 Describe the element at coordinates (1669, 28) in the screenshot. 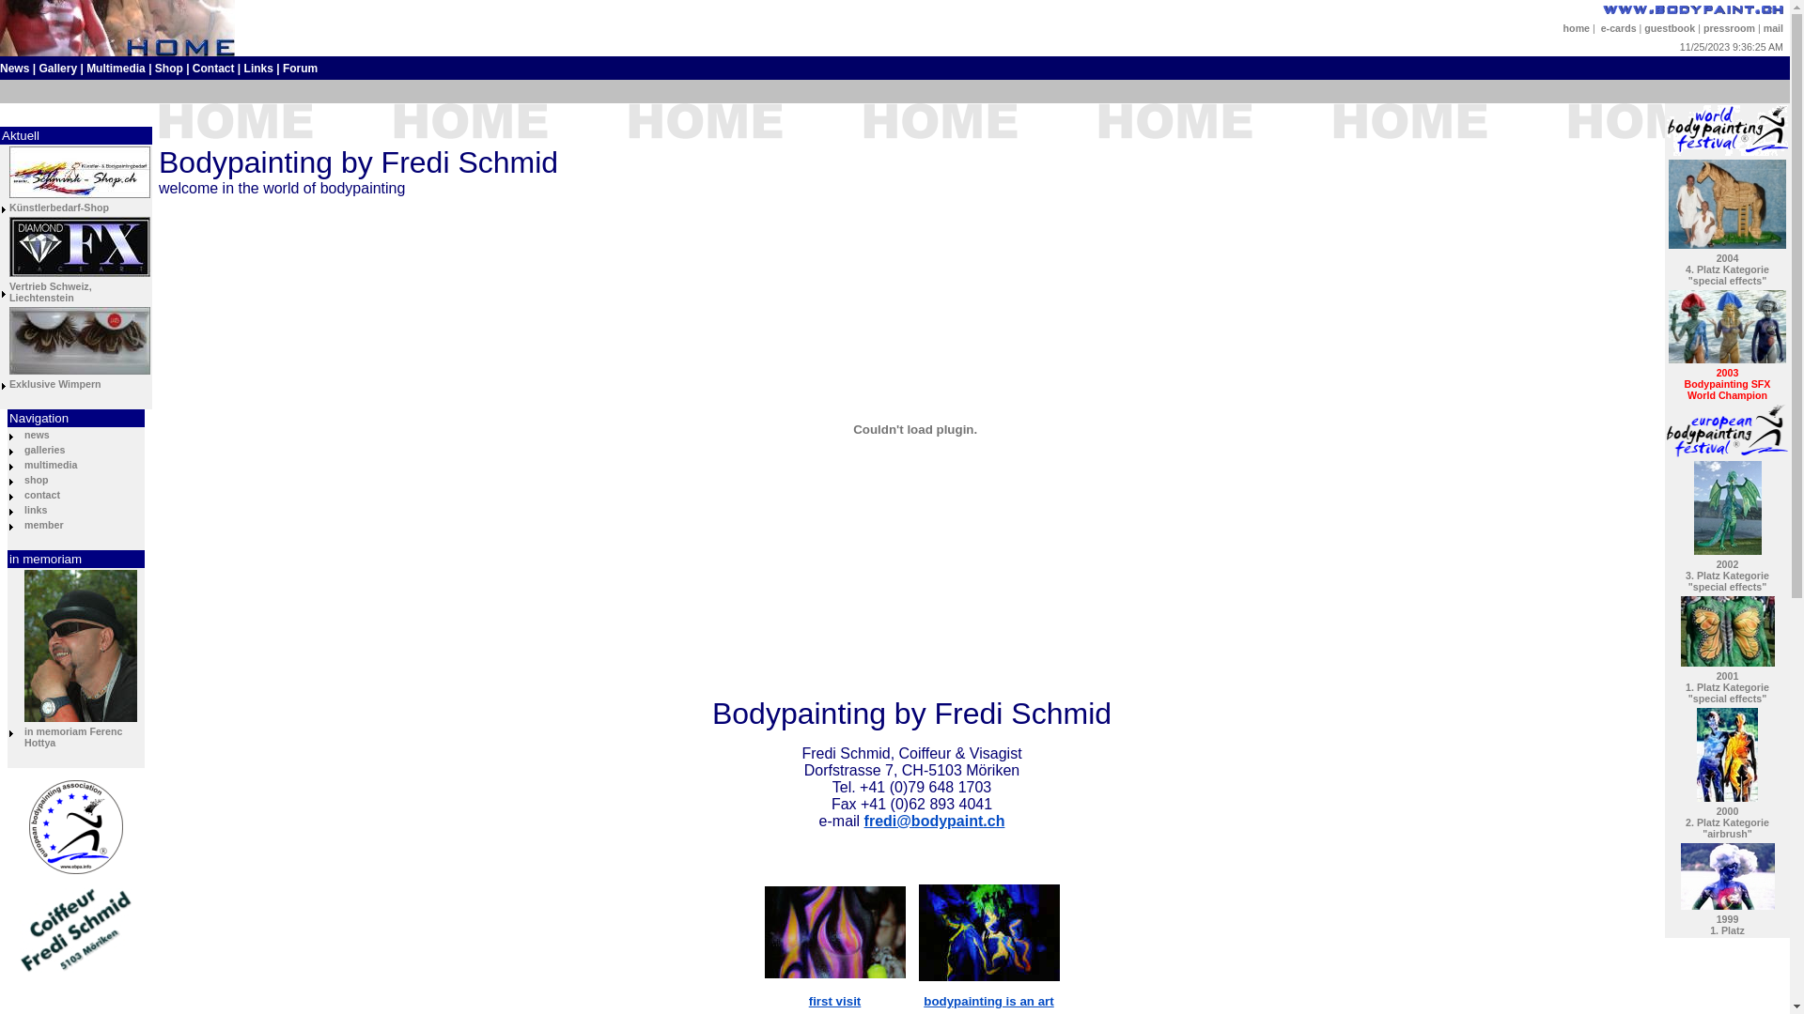

I see `'guestbook'` at that location.